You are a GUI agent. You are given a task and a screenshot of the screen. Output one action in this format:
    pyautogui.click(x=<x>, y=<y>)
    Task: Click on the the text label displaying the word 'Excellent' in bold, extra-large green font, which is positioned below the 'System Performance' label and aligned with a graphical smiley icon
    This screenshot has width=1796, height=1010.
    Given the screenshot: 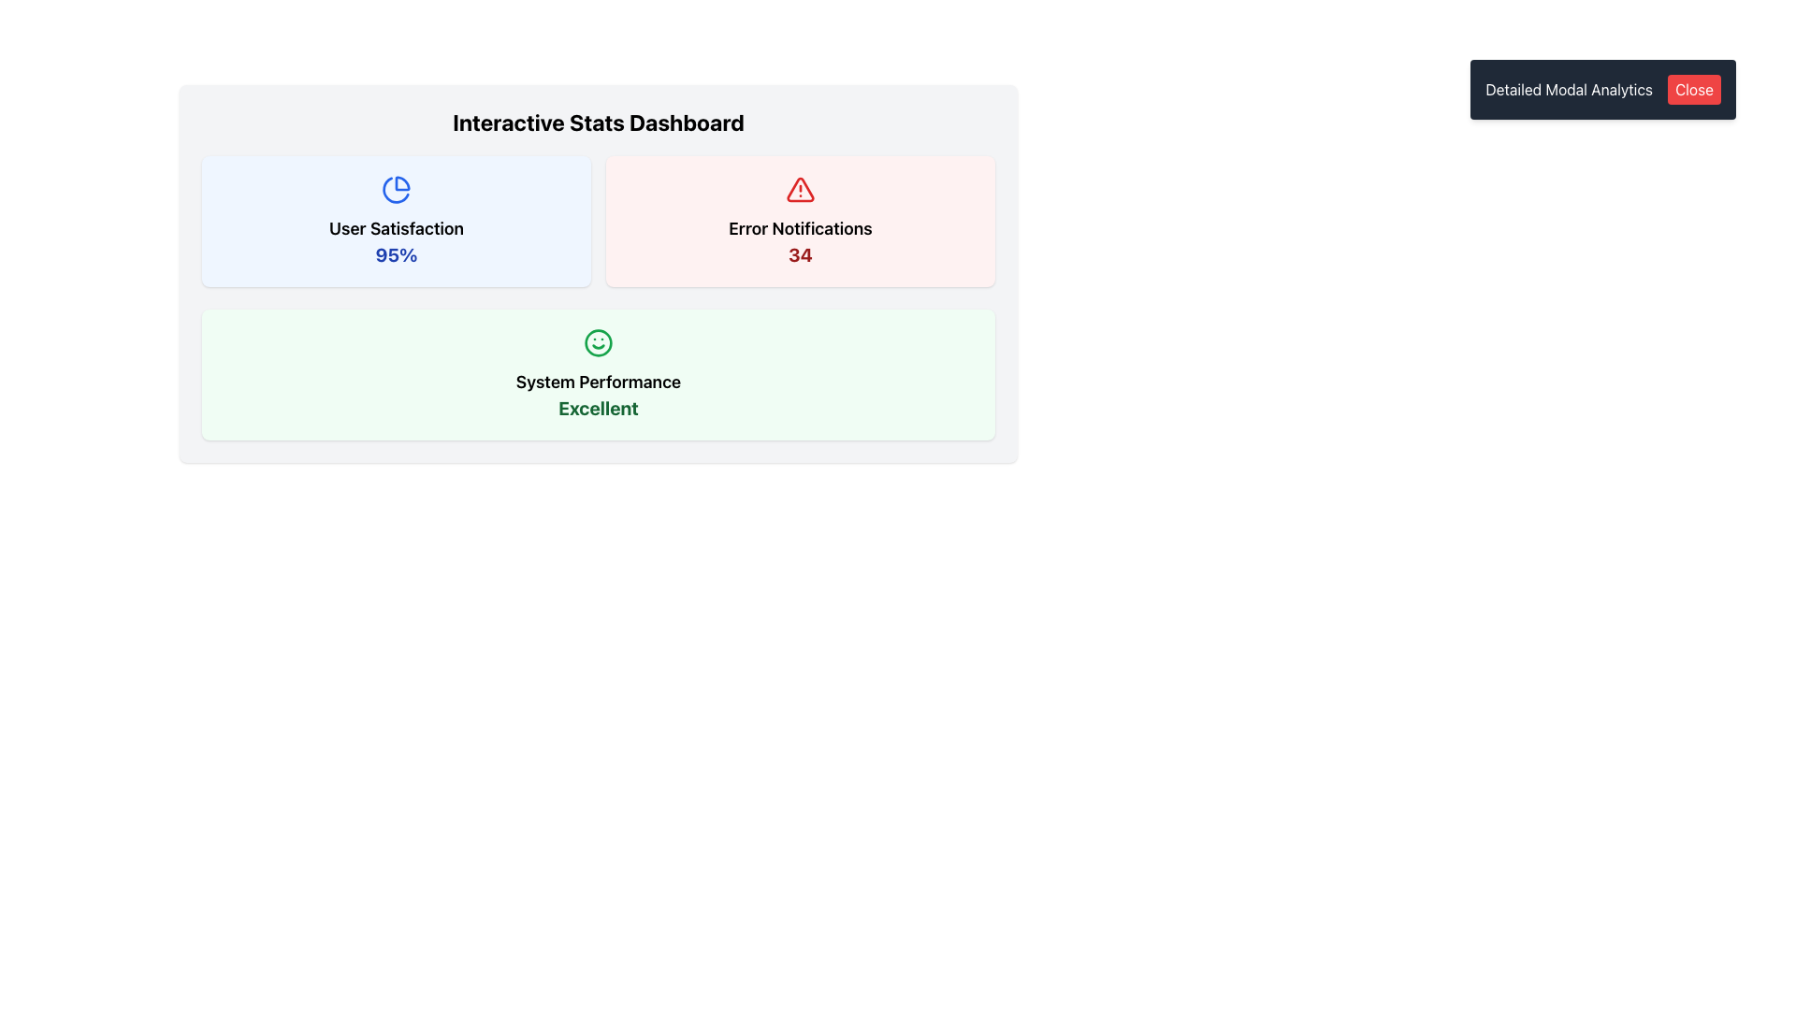 What is the action you would take?
    pyautogui.click(x=597, y=407)
    